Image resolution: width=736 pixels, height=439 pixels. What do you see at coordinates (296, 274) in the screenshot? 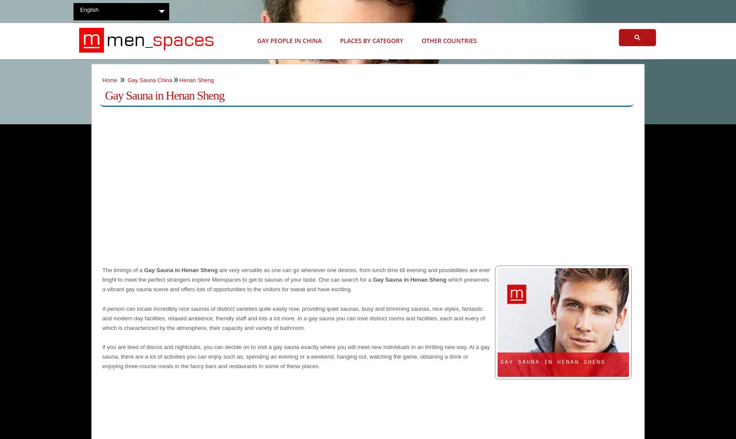
I see `'are very versatile as one can go whenever one desires, from lunch time till evening and possibilities are ever bright to meet the perfect strangers explore Menspaces to get to saunas of your taste. One can search for a'` at bounding box center [296, 274].